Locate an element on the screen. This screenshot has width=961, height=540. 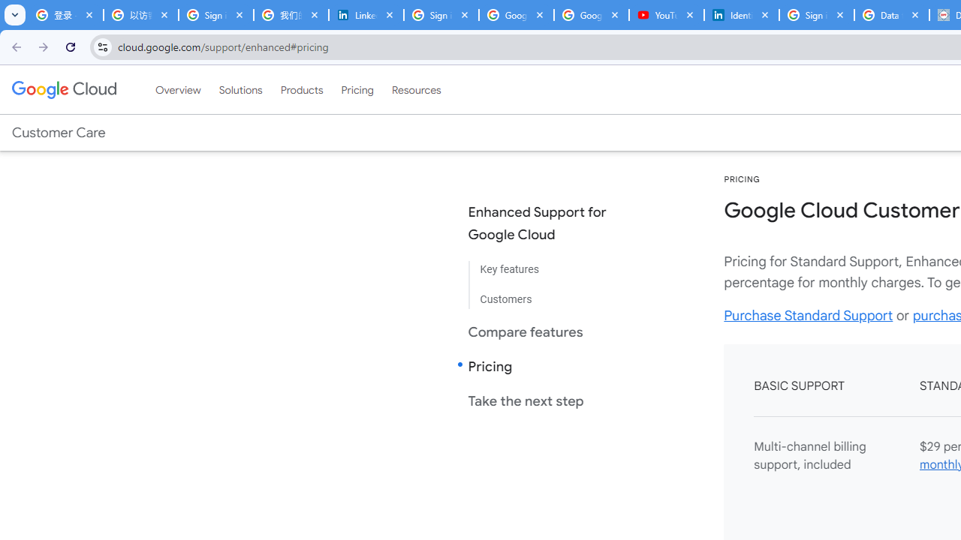
'Compare features' is located at coordinates (549, 331).